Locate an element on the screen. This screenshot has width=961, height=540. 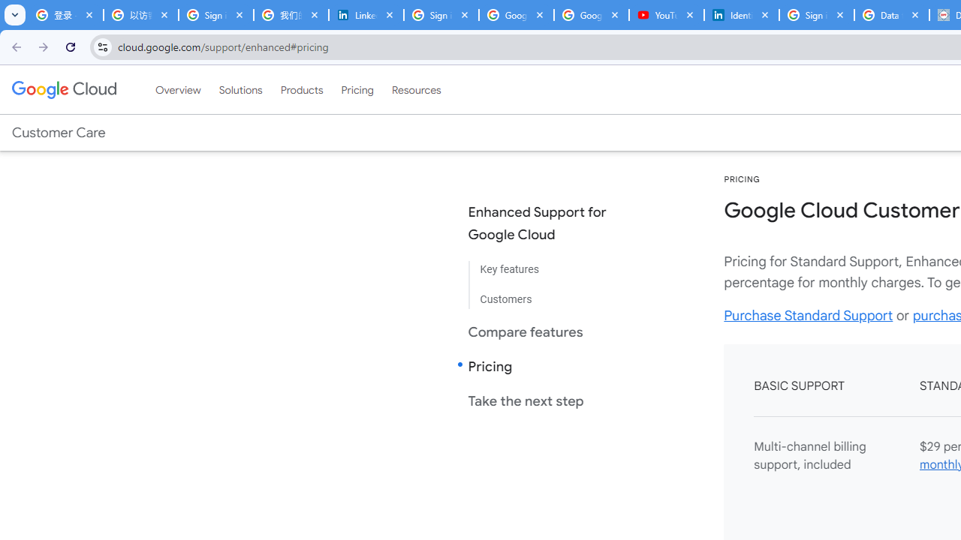
'Compare features' is located at coordinates (549, 331).